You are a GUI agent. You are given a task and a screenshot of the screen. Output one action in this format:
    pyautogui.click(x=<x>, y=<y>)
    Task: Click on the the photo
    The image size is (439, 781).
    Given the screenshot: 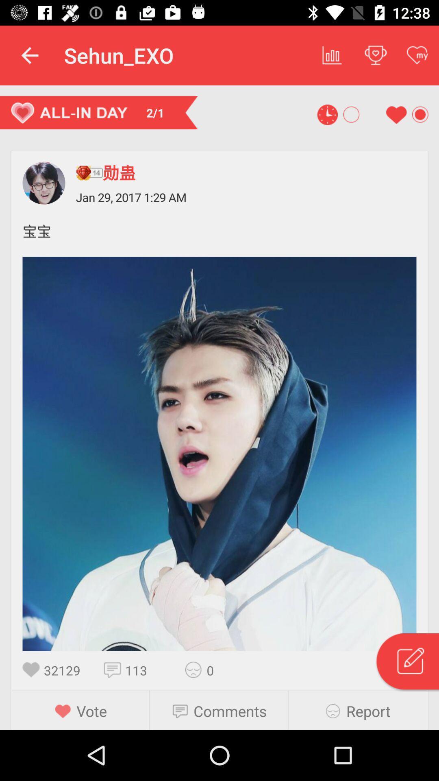 What is the action you would take?
    pyautogui.click(x=219, y=454)
    